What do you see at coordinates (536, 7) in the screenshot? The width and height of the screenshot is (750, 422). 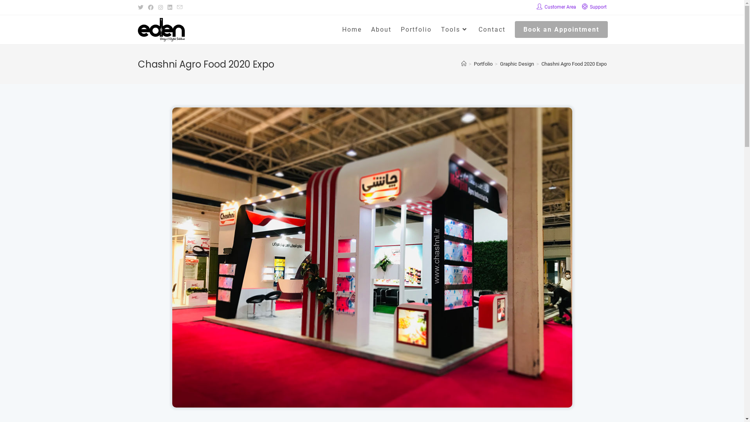 I see `'Customer Area'` at bounding box center [536, 7].